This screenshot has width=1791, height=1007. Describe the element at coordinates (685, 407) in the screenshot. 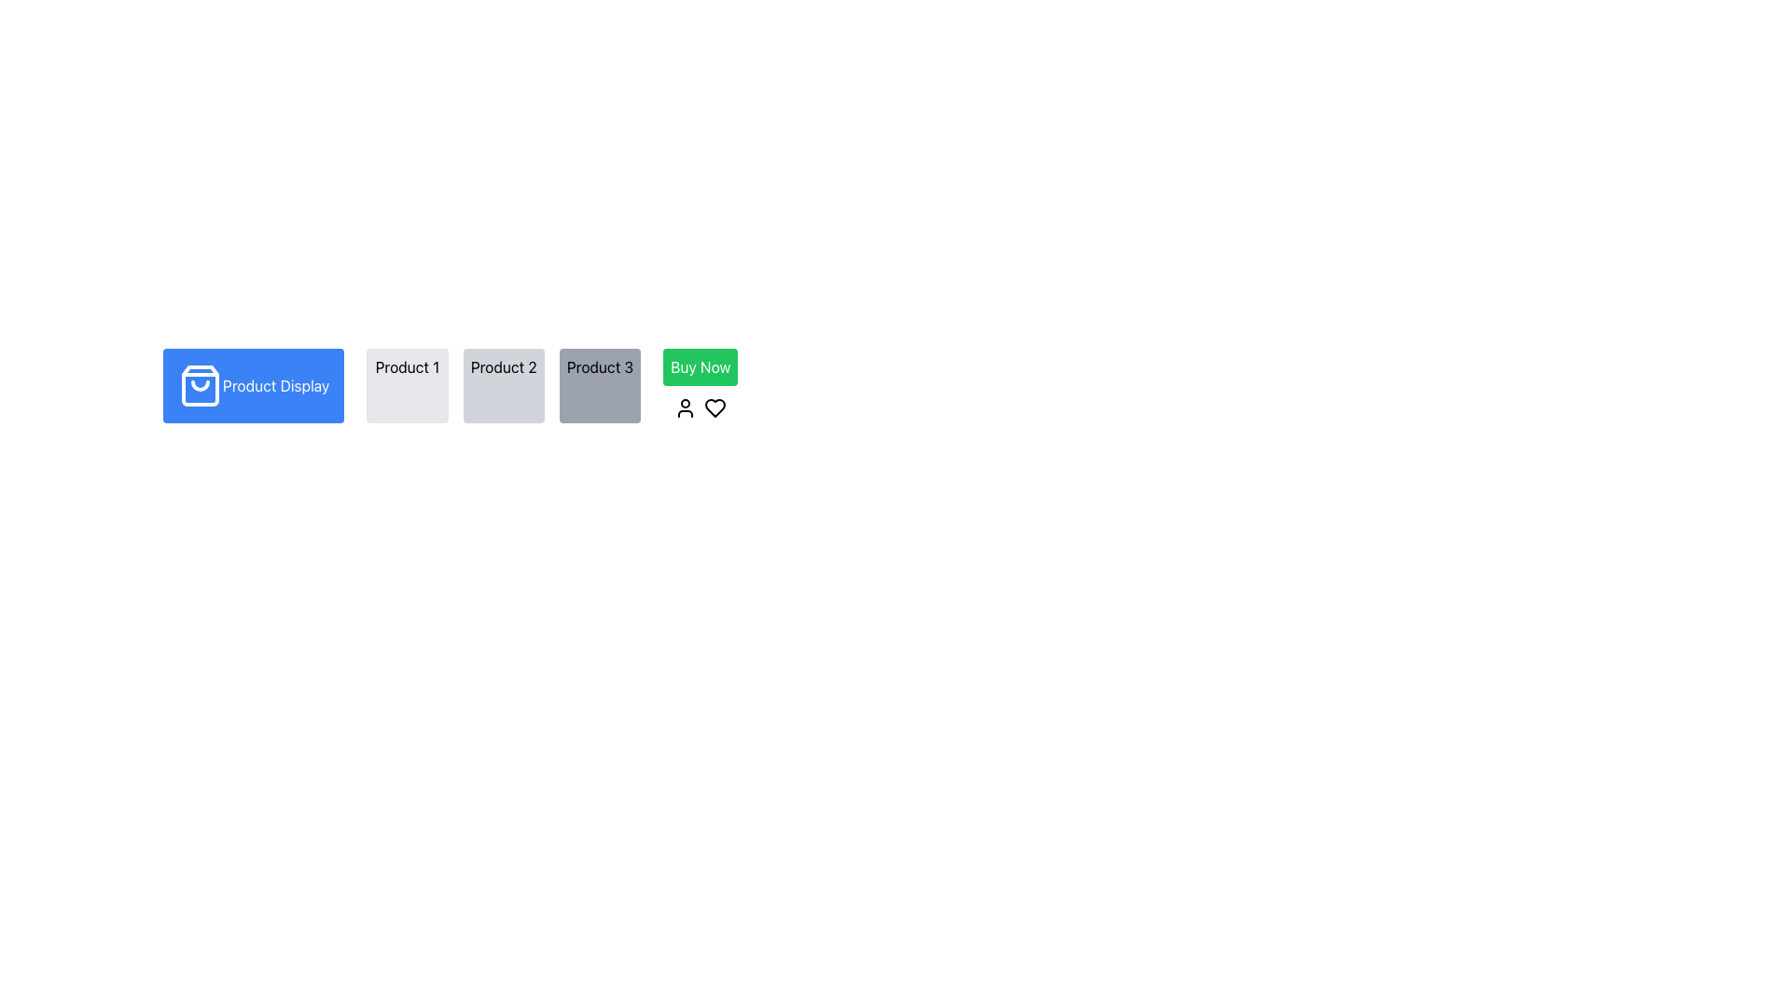

I see `the user profile icon, which is a simplistic outline of a person, located immediately to the left of a heart icon and to the right of the 'Buy Now' button` at that location.